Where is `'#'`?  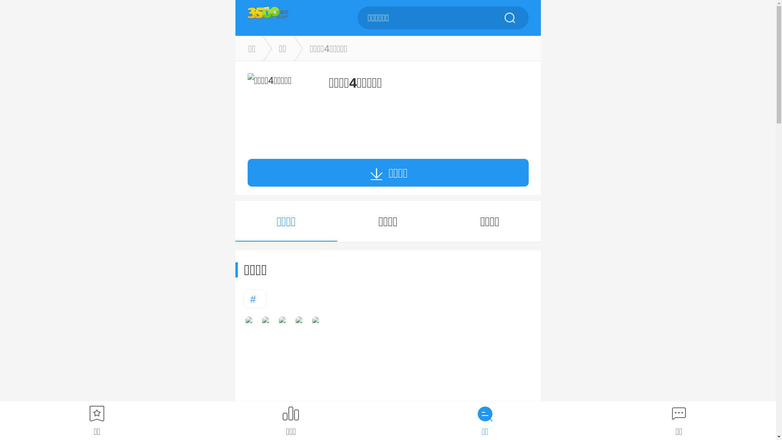
'#' is located at coordinates (255, 299).